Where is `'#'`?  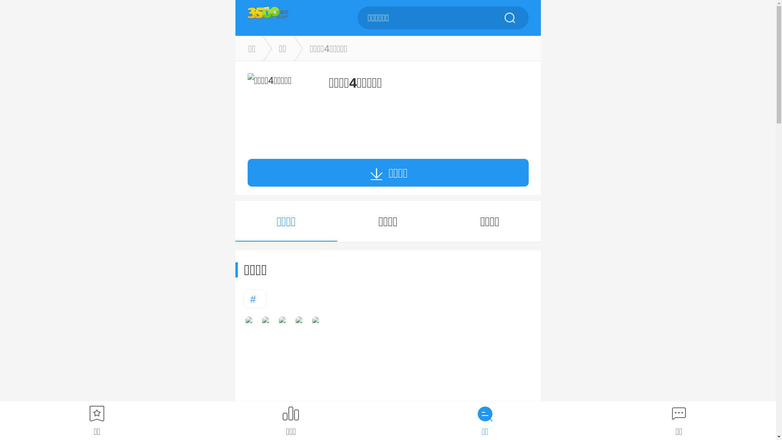
'#' is located at coordinates (255, 299).